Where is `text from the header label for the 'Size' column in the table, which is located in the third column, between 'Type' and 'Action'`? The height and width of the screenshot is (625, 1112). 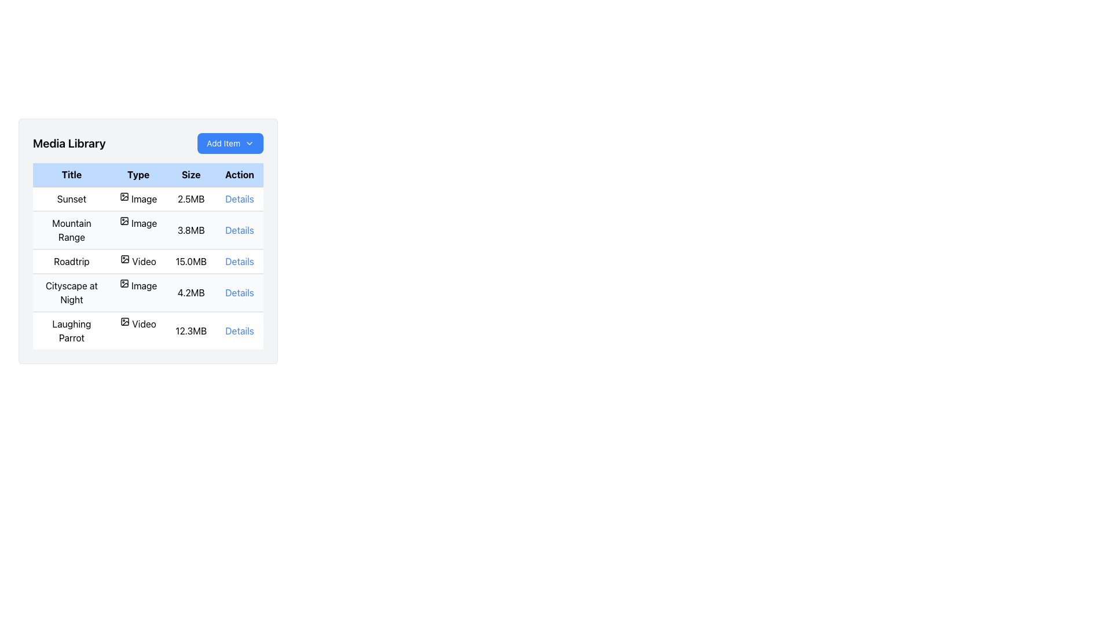
text from the header label for the 'Size' column in the table, which is located in the third column, between 'Type' and 'Action' is located at coordinates (191, 175).